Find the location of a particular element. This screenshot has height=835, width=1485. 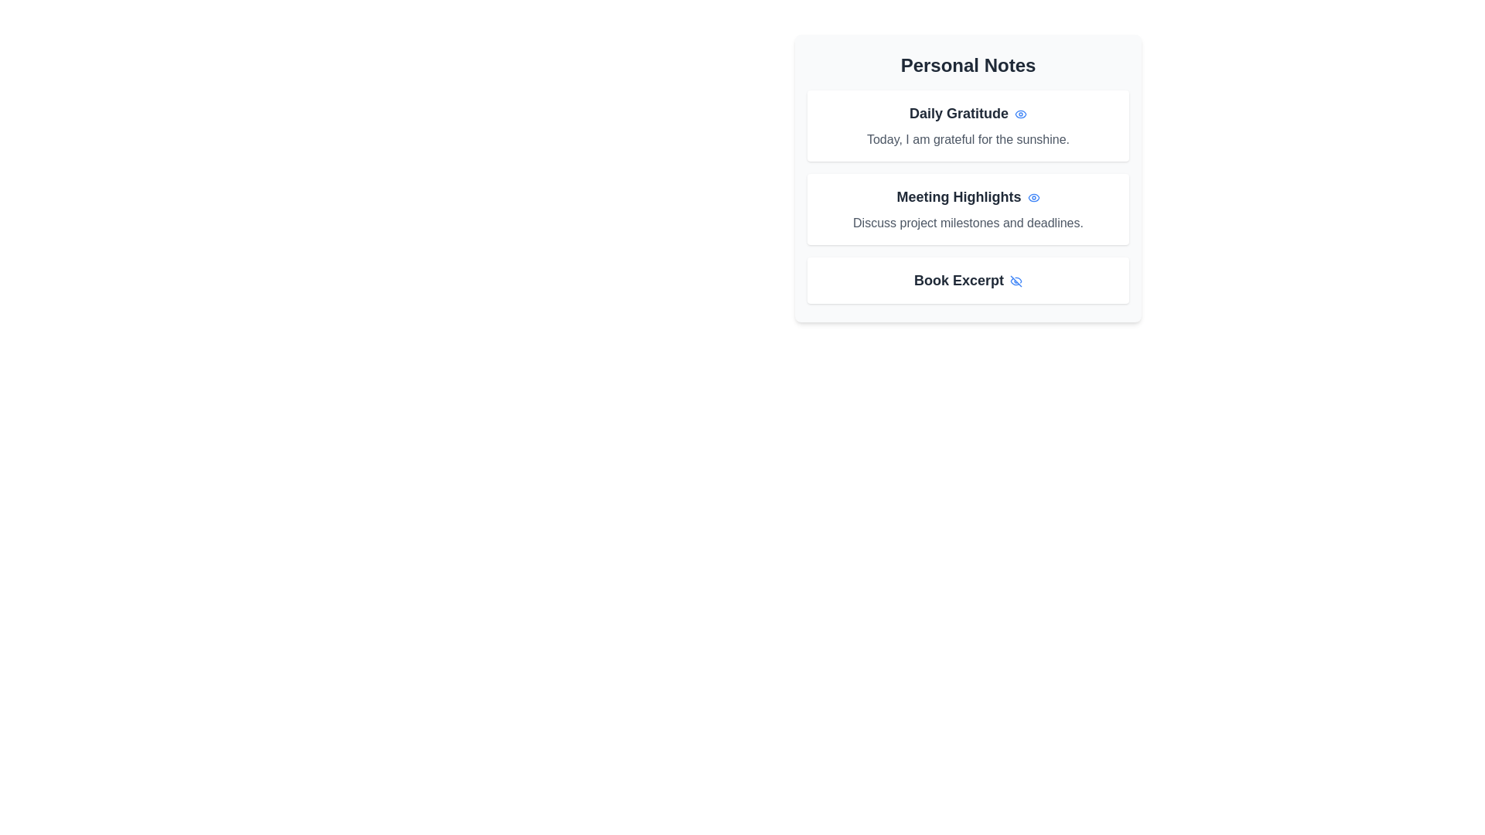

the eye icon of the note titled Book Excerpt to toggle its visibility is located at coordinates (1016, 280).